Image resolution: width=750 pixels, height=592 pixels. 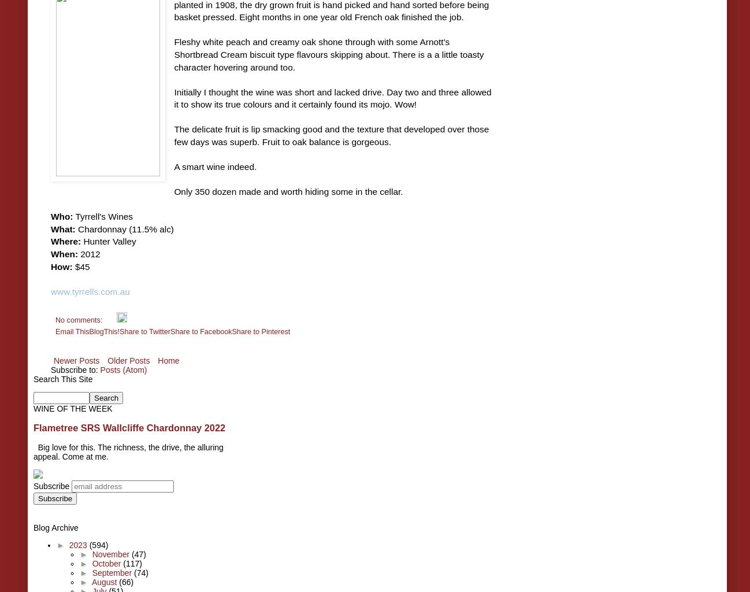 What do you see at coordinates (129, 427) in the screenshot?
I see `'Flametree SRS Wallcliffe Chardonnay 2022'` at bounding box center [129, 427].